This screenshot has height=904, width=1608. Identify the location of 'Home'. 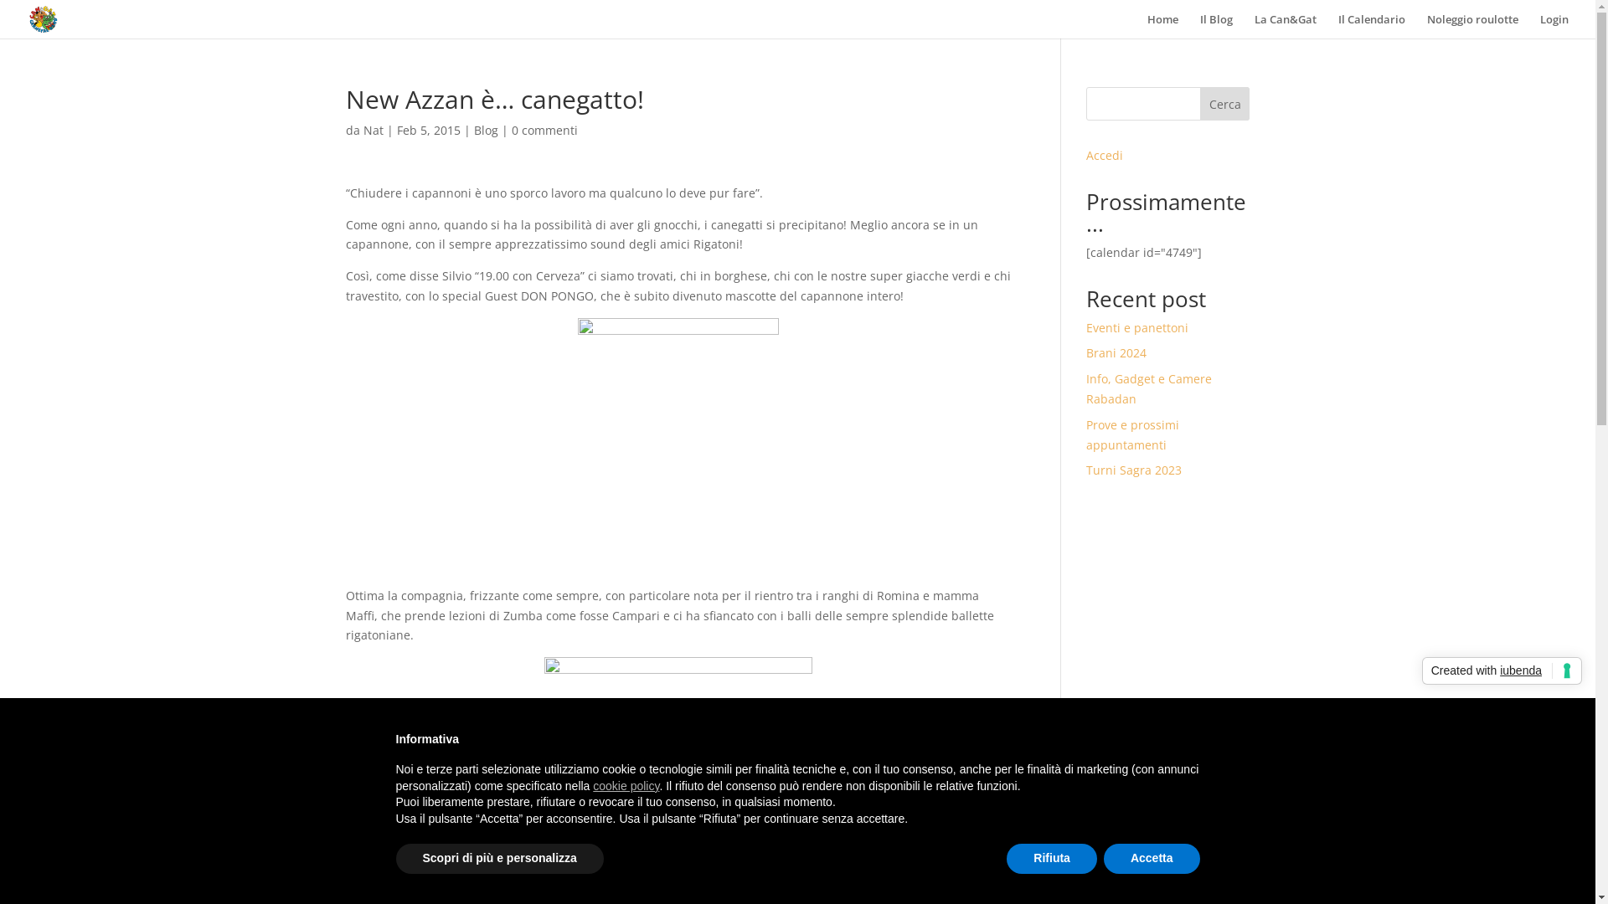
(1162, 25).